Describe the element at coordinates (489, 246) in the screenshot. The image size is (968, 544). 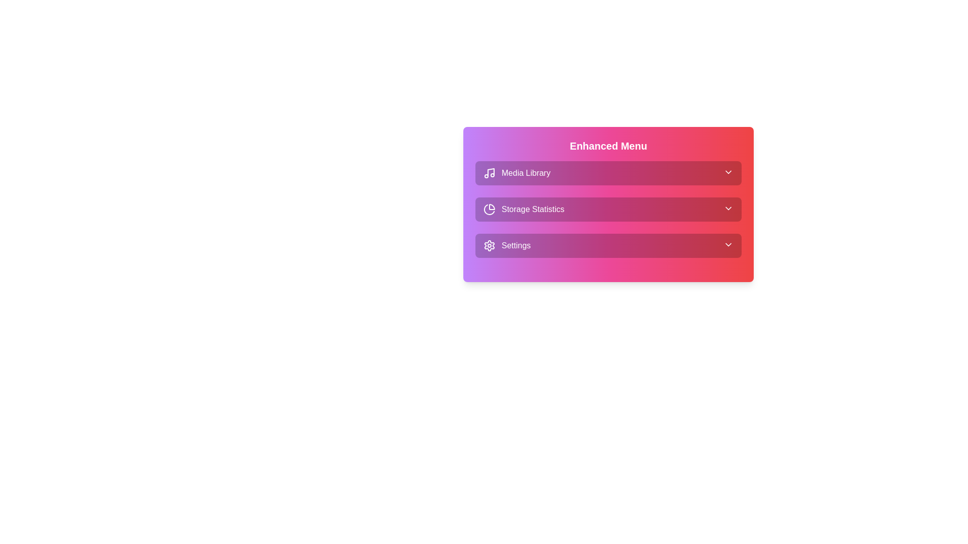
I see `the gear icon representing the settings menu` at that location.